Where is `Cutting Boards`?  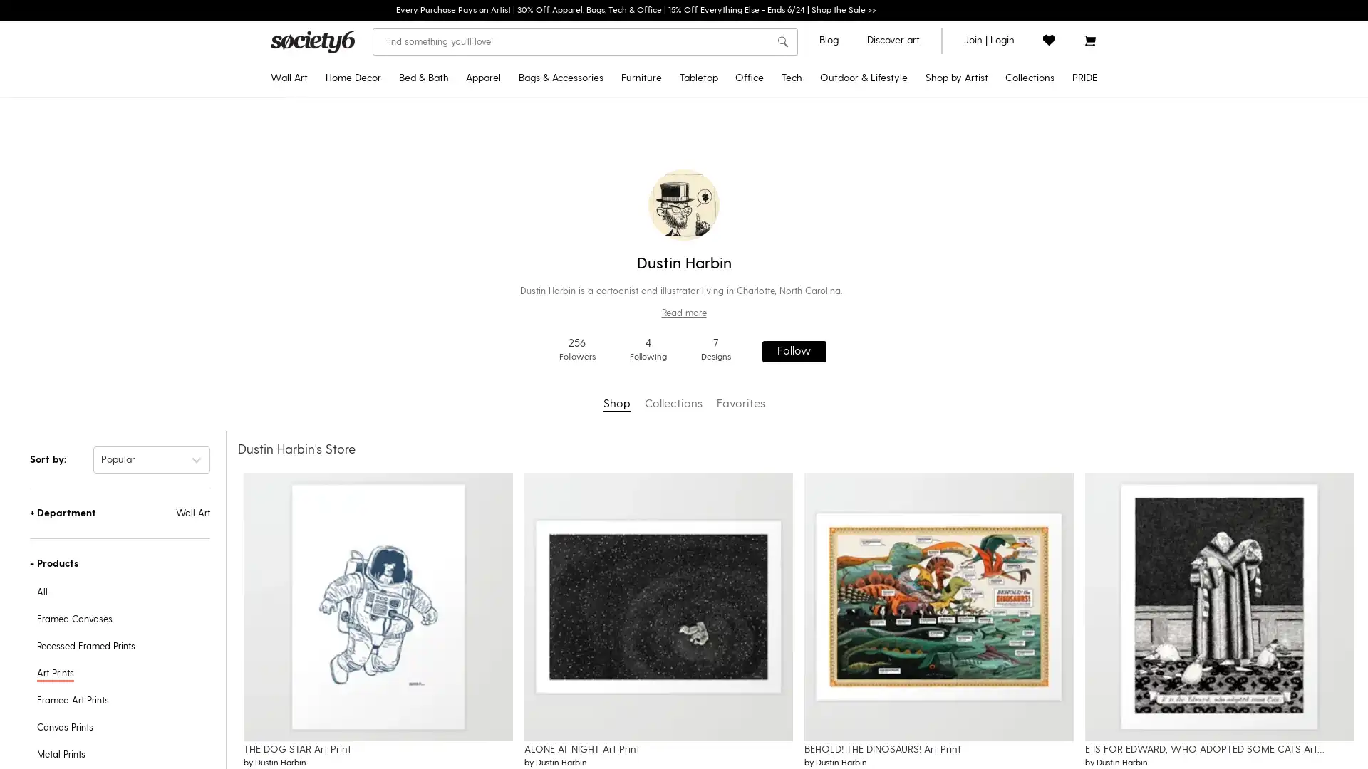
Cutting Boards is located at coordinates (725, 296).